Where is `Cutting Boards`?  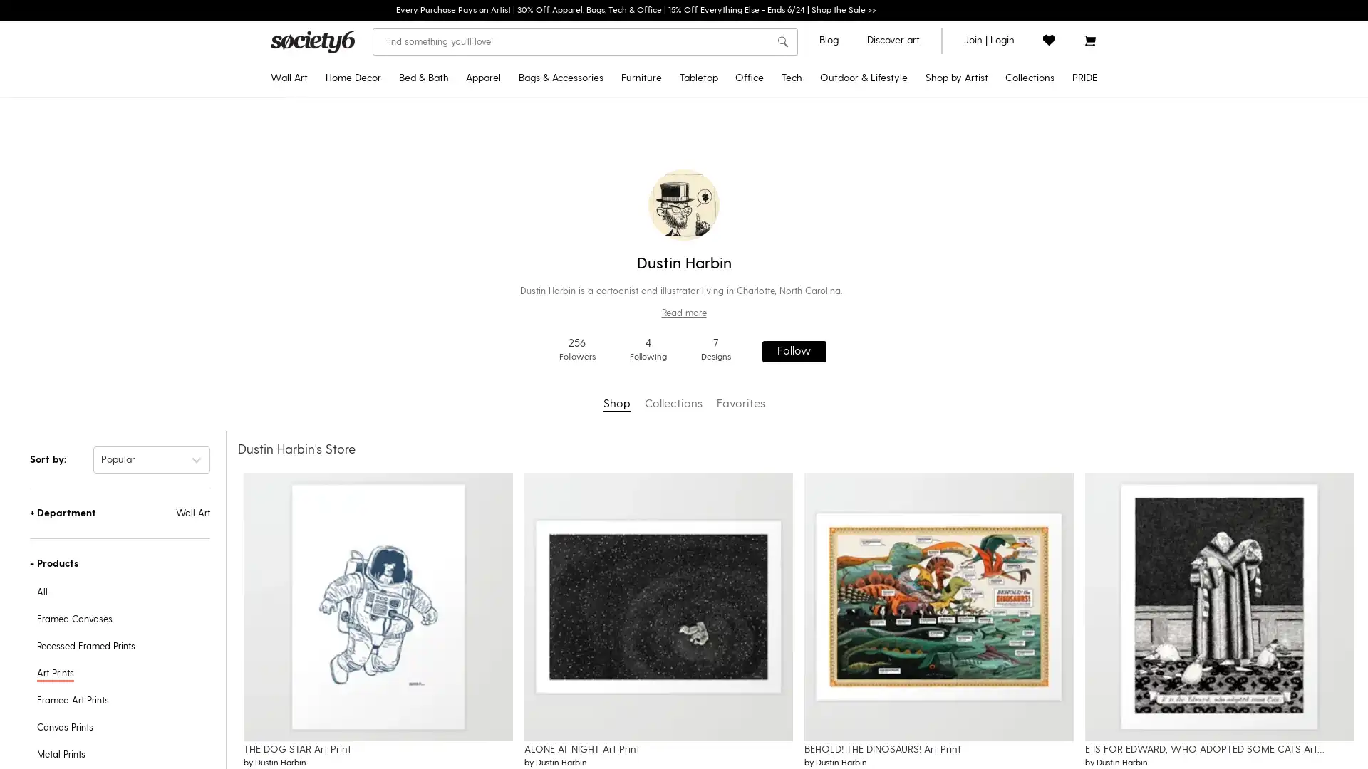
Cutting Boards is located at coordinates (725, 296).